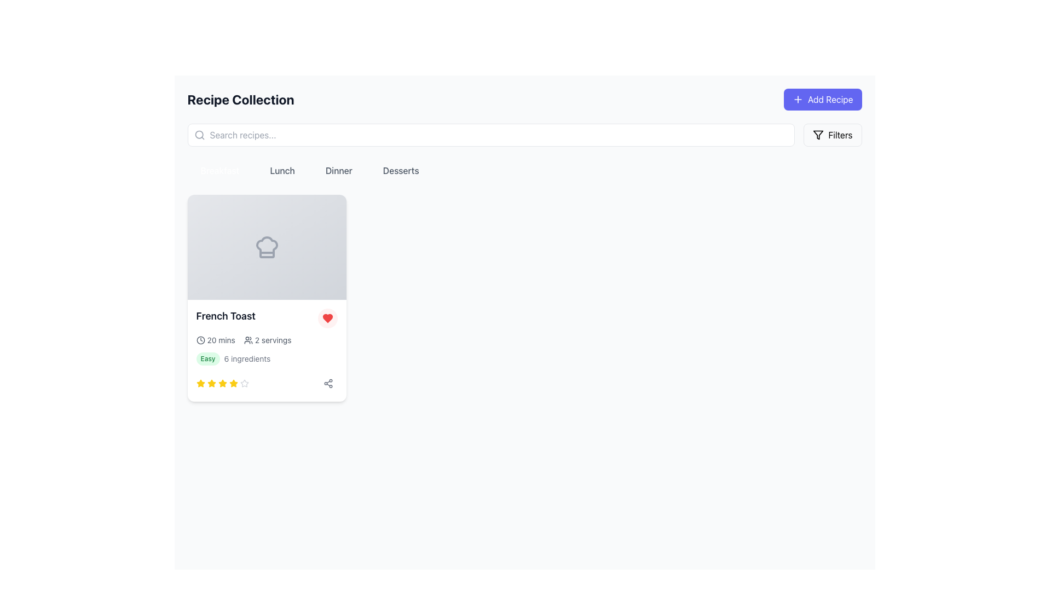 This screenshot has width=1051, height=591. What do you see at coordinates (211, 383) in the screenshot?
I see `the first star in the star rating feature below the card representing 'French Toast'` at bounding box center [211, 383].